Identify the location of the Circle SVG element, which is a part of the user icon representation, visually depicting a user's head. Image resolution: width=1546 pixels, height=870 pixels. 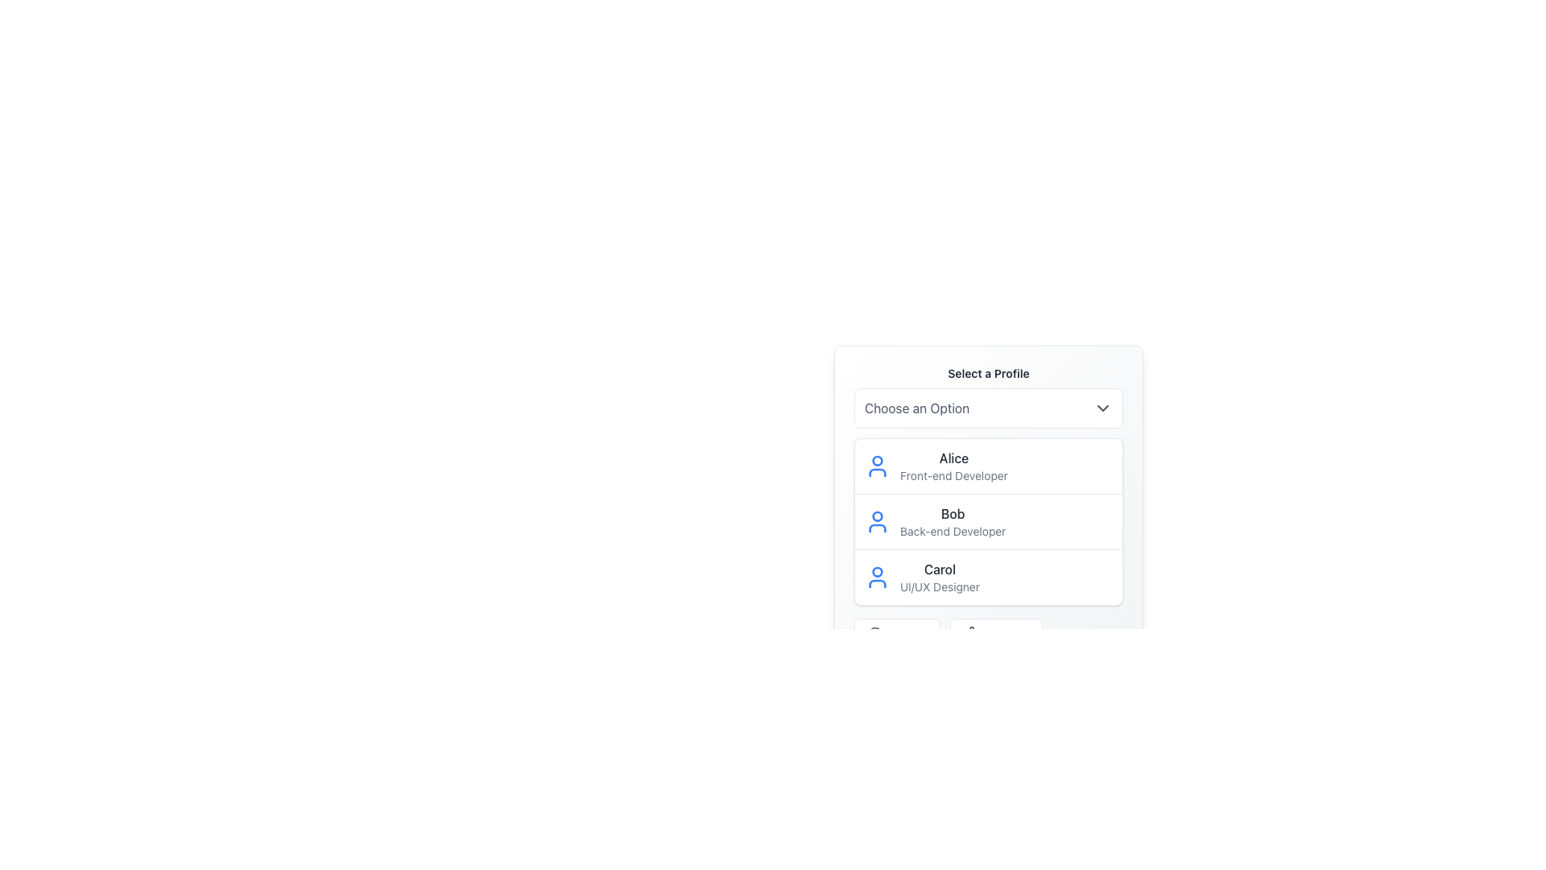
(876, 460).